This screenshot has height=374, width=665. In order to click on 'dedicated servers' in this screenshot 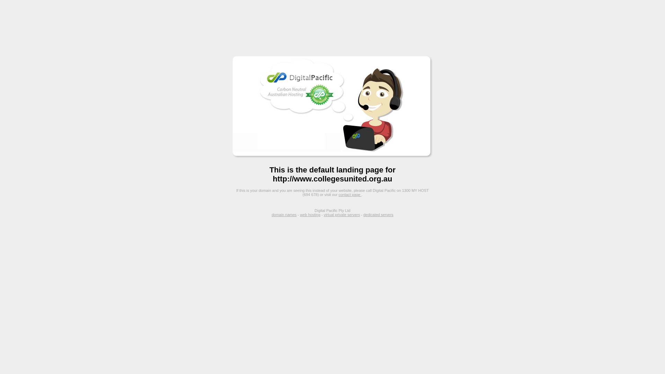, I will do `click(378, 214)`.